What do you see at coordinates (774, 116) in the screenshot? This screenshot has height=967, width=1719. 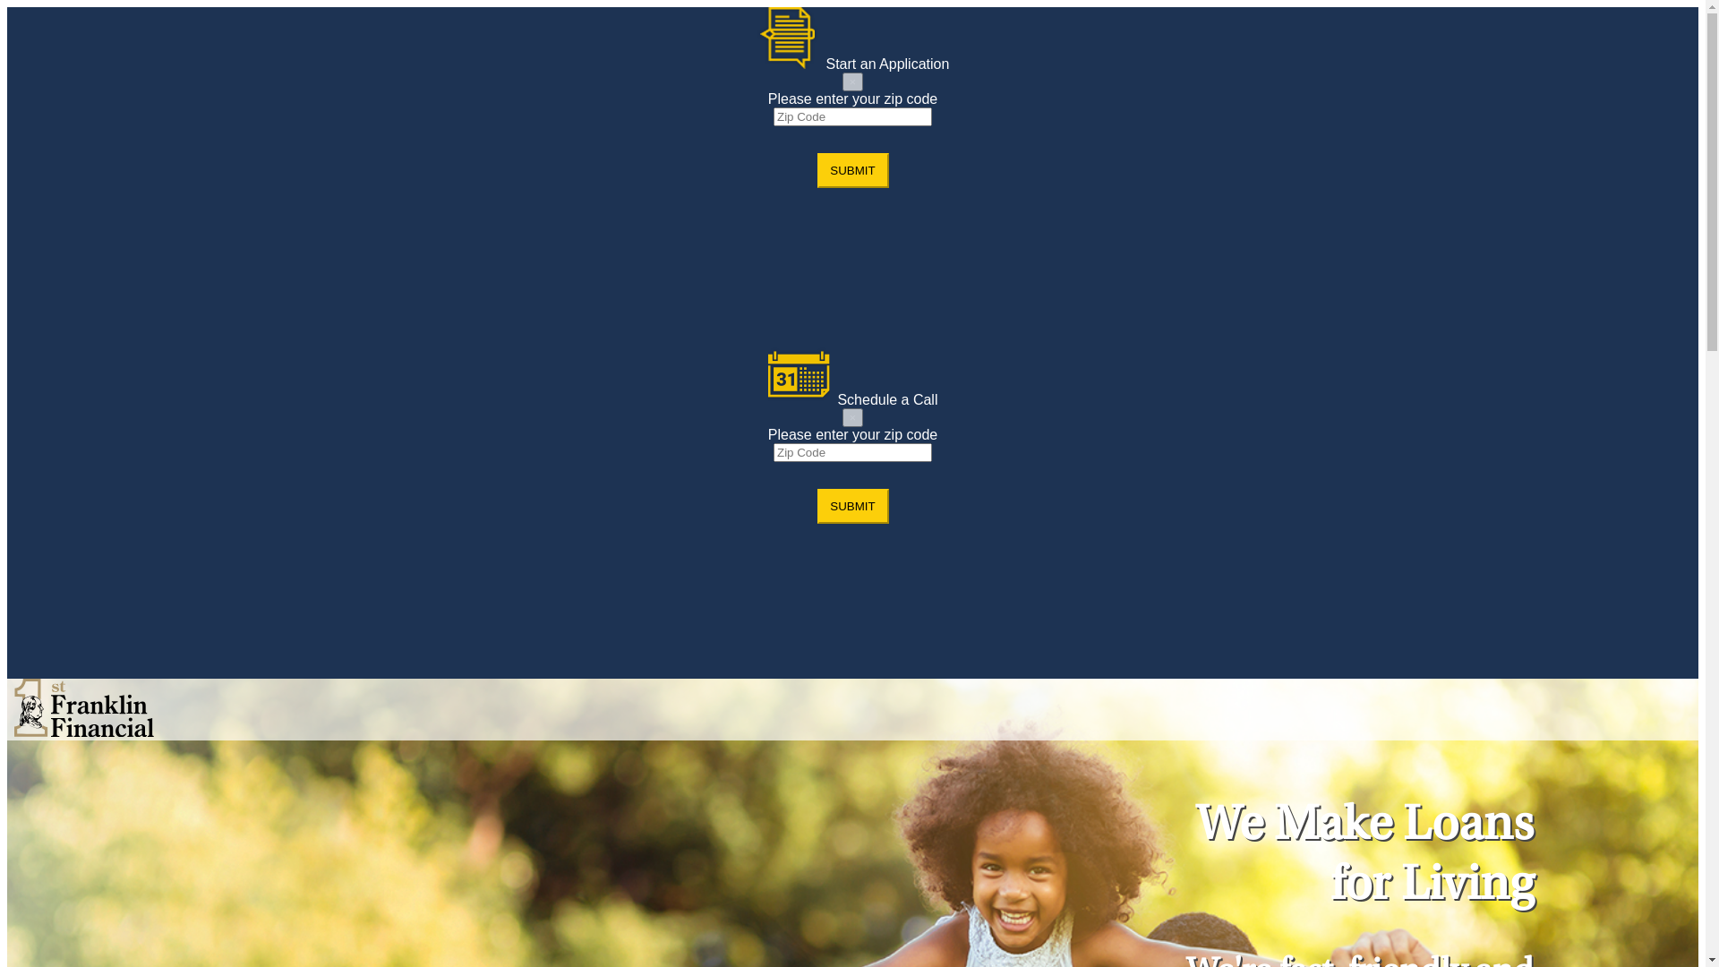 I see `' US Zip Code'` at bounding box center [774, 116].